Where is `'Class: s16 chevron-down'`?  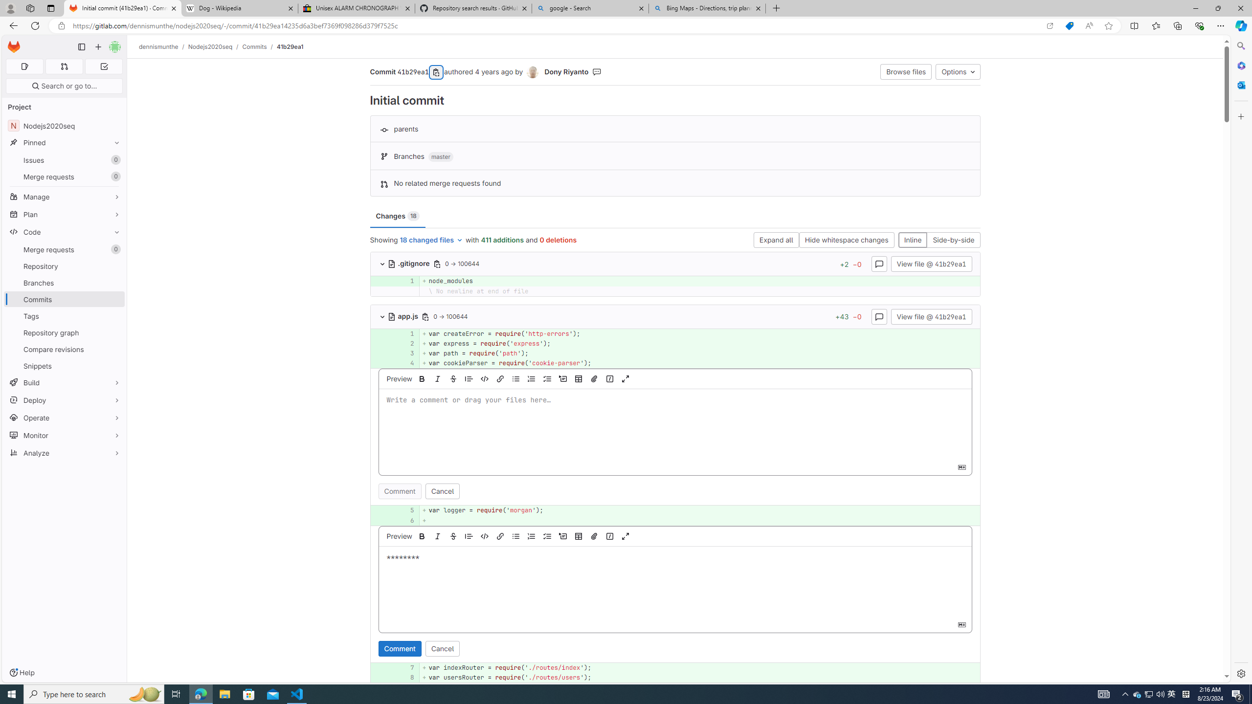 'Class: s16 chevron-down' is located at coordinates (382, 316).